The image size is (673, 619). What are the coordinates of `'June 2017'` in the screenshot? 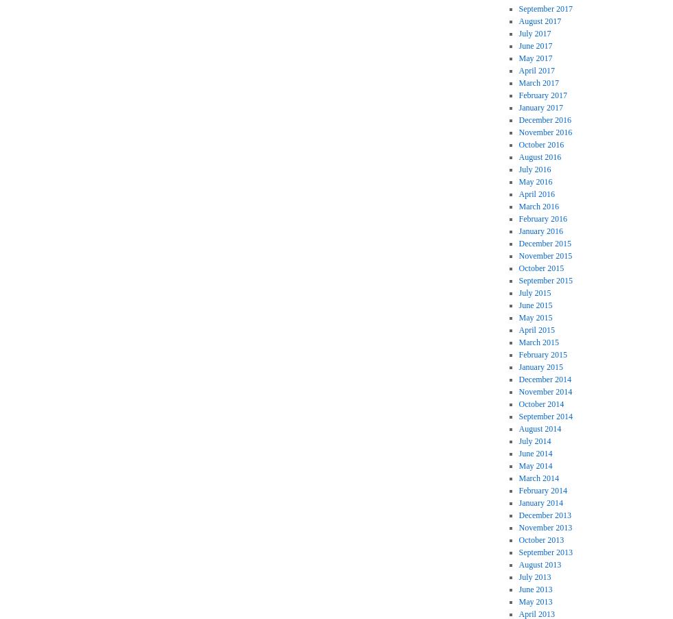 It's located at (535, 45).